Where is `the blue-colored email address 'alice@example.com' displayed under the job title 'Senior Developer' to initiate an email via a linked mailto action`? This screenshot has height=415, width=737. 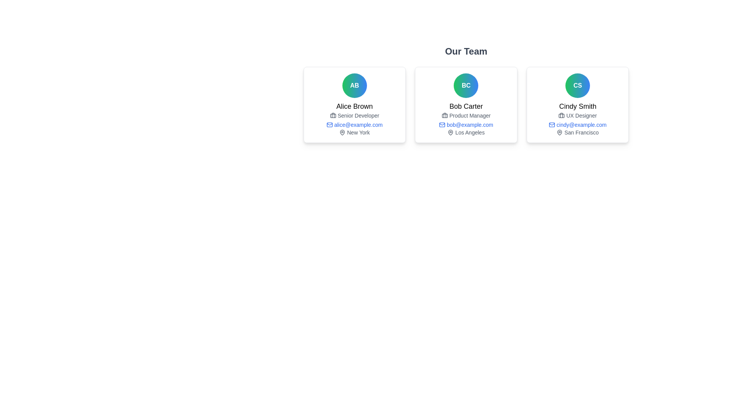 the blue-colored email address 'alice@example.com' displayed under the job title 'Senior Developer' to initiate an email via a linked mailto action is located at coordinates (354, 124).